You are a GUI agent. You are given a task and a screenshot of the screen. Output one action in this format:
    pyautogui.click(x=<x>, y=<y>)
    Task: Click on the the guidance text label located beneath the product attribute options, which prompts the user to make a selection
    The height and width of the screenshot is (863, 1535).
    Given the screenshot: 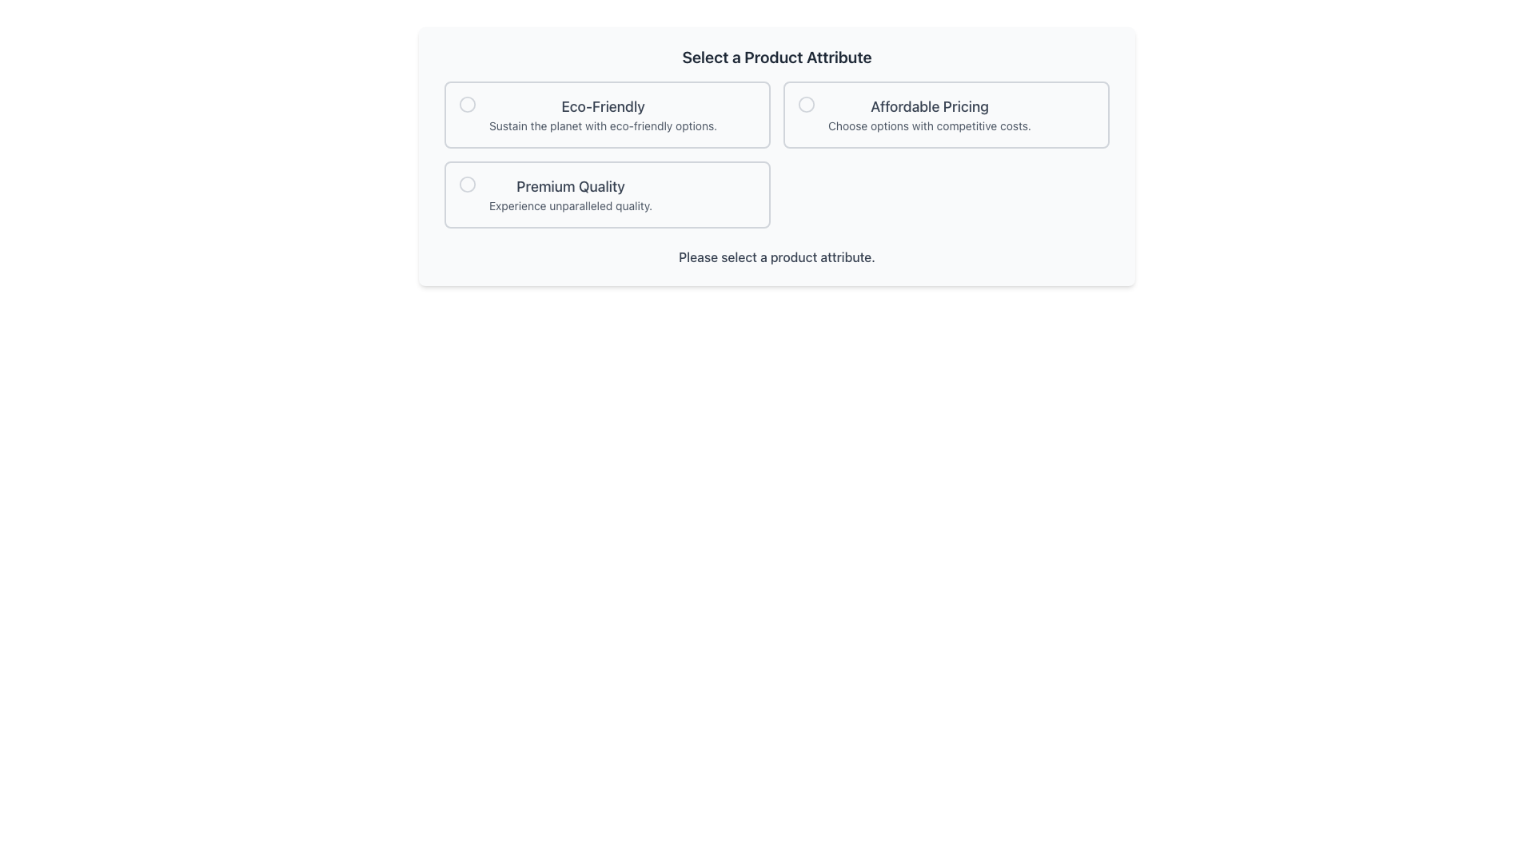 What is the action you would take?
    pyautogui.click(x=776, y=256)
    